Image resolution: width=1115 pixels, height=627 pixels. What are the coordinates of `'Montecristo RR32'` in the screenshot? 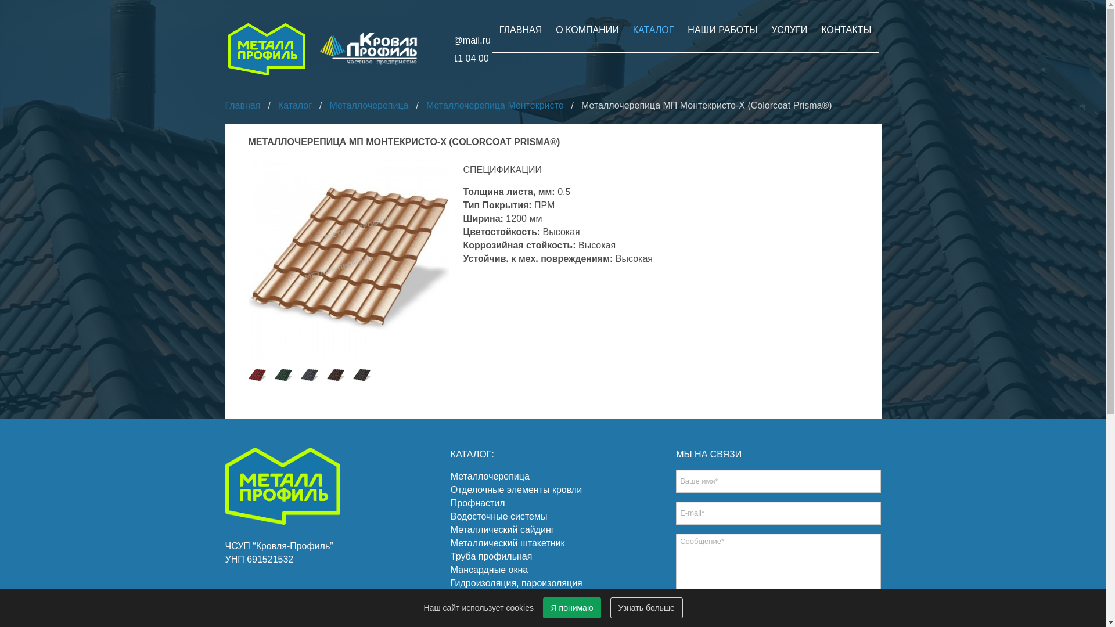 It's located at (361, 374).